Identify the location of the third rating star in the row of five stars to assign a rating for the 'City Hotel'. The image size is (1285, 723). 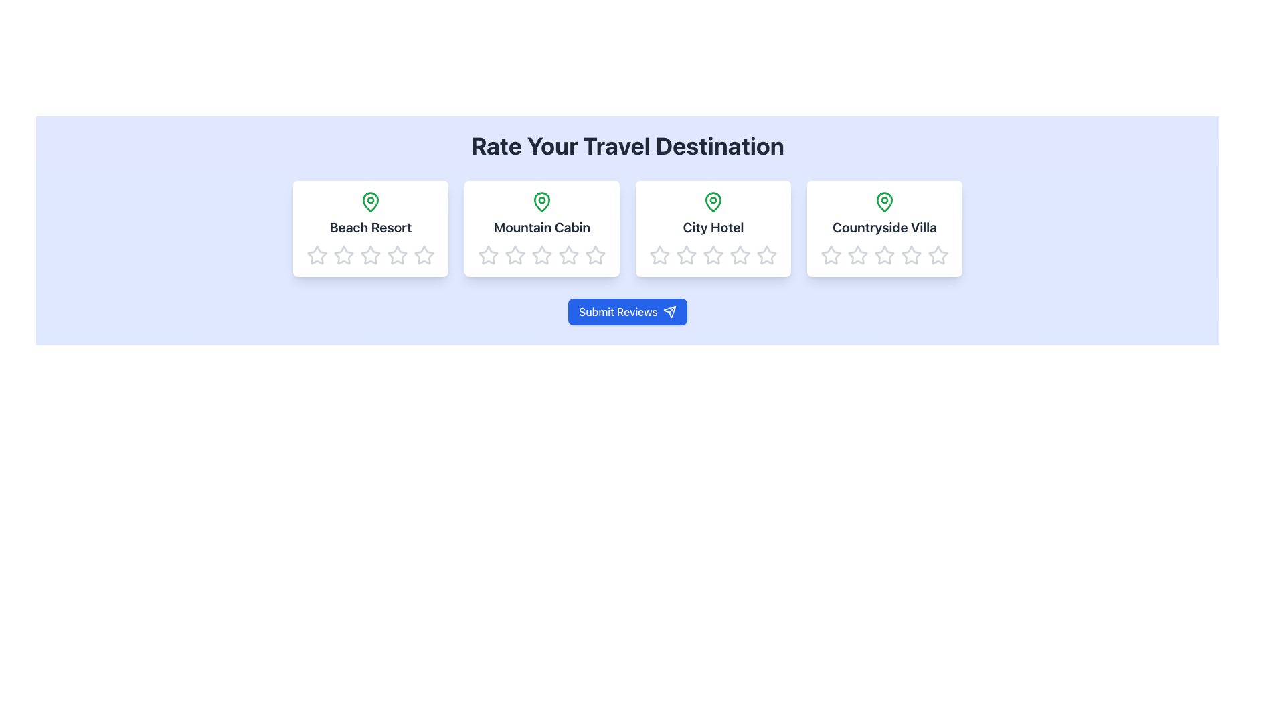
(739, 255).